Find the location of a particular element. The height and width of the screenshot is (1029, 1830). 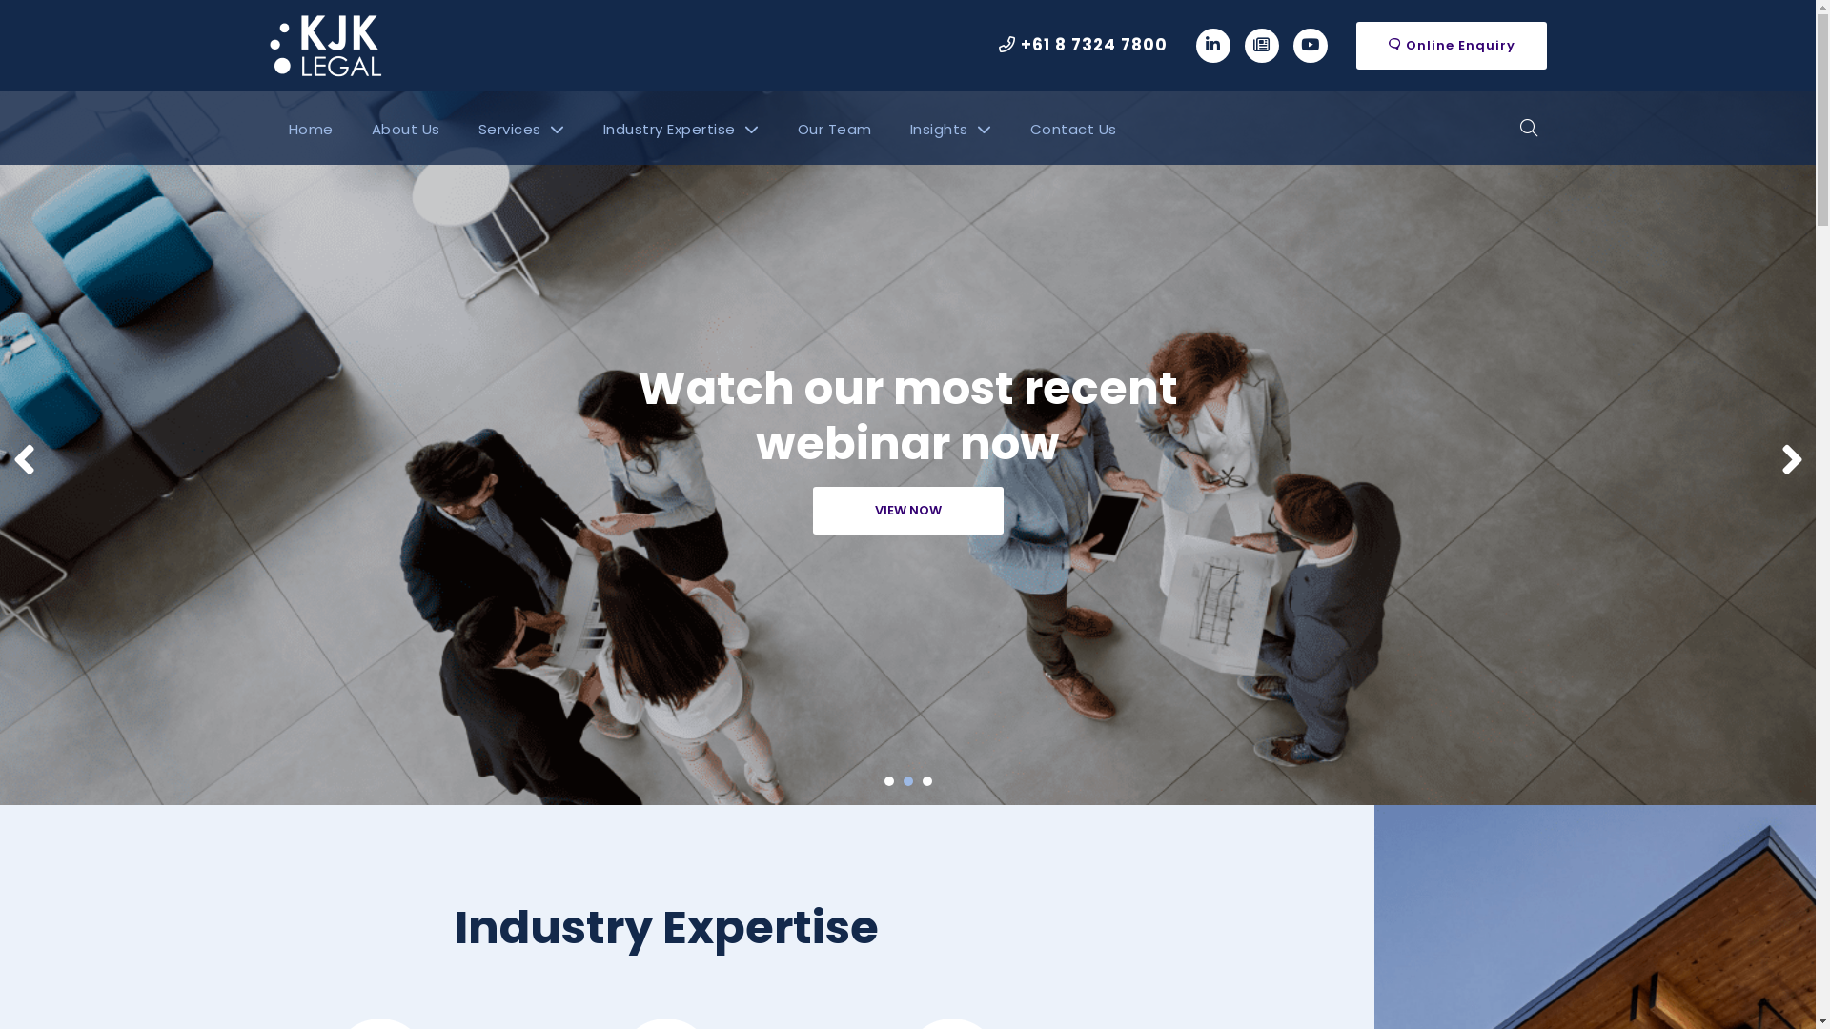

'Next' is located at coordinates (1791, 459).